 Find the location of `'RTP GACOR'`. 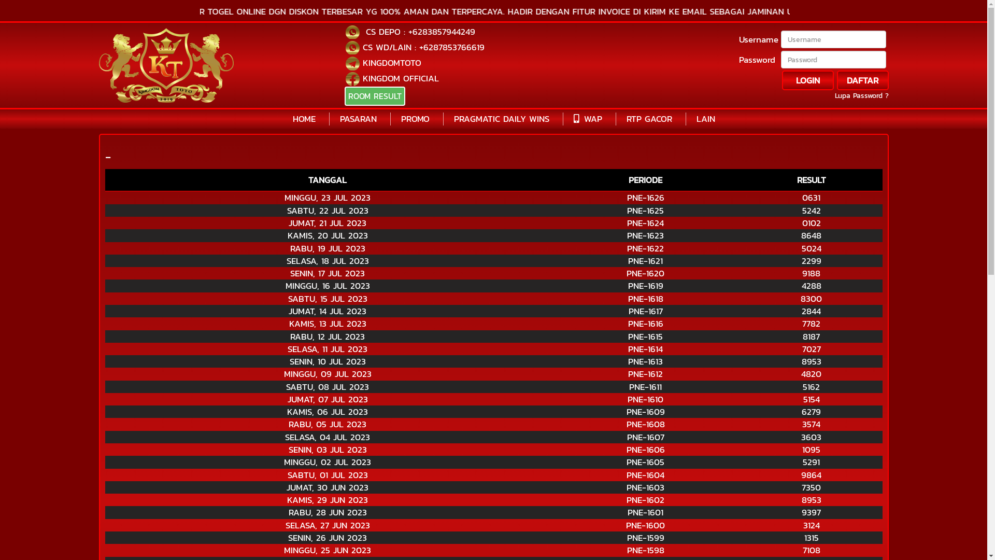

'RTP GACOR' is located at coordinates (648, 118).